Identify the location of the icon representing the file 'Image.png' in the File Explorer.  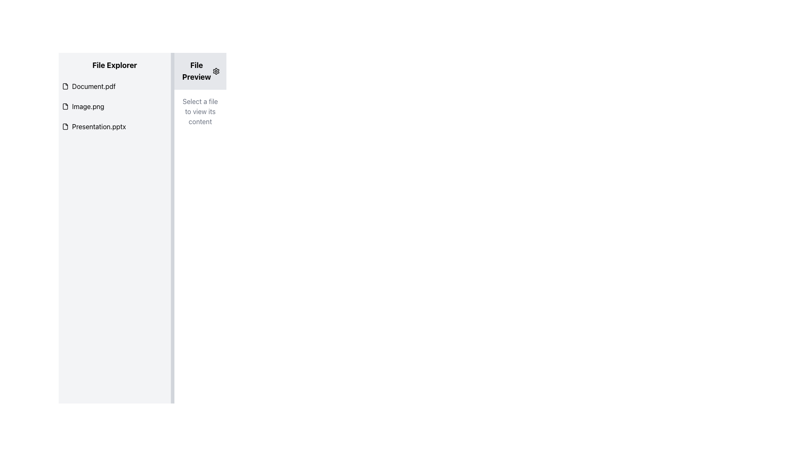
(65, 106).